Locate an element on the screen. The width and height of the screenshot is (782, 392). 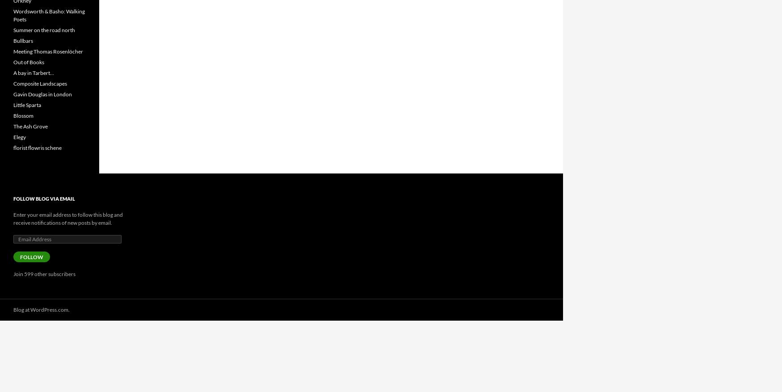
'Out of Books' is located at coordinates (29, 62).